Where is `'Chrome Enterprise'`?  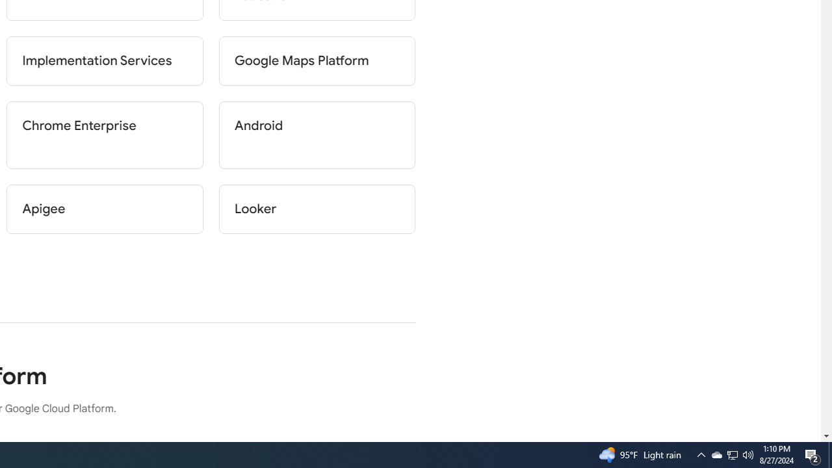 'Chrome Enterprise' is located at coordinates (105, 135).